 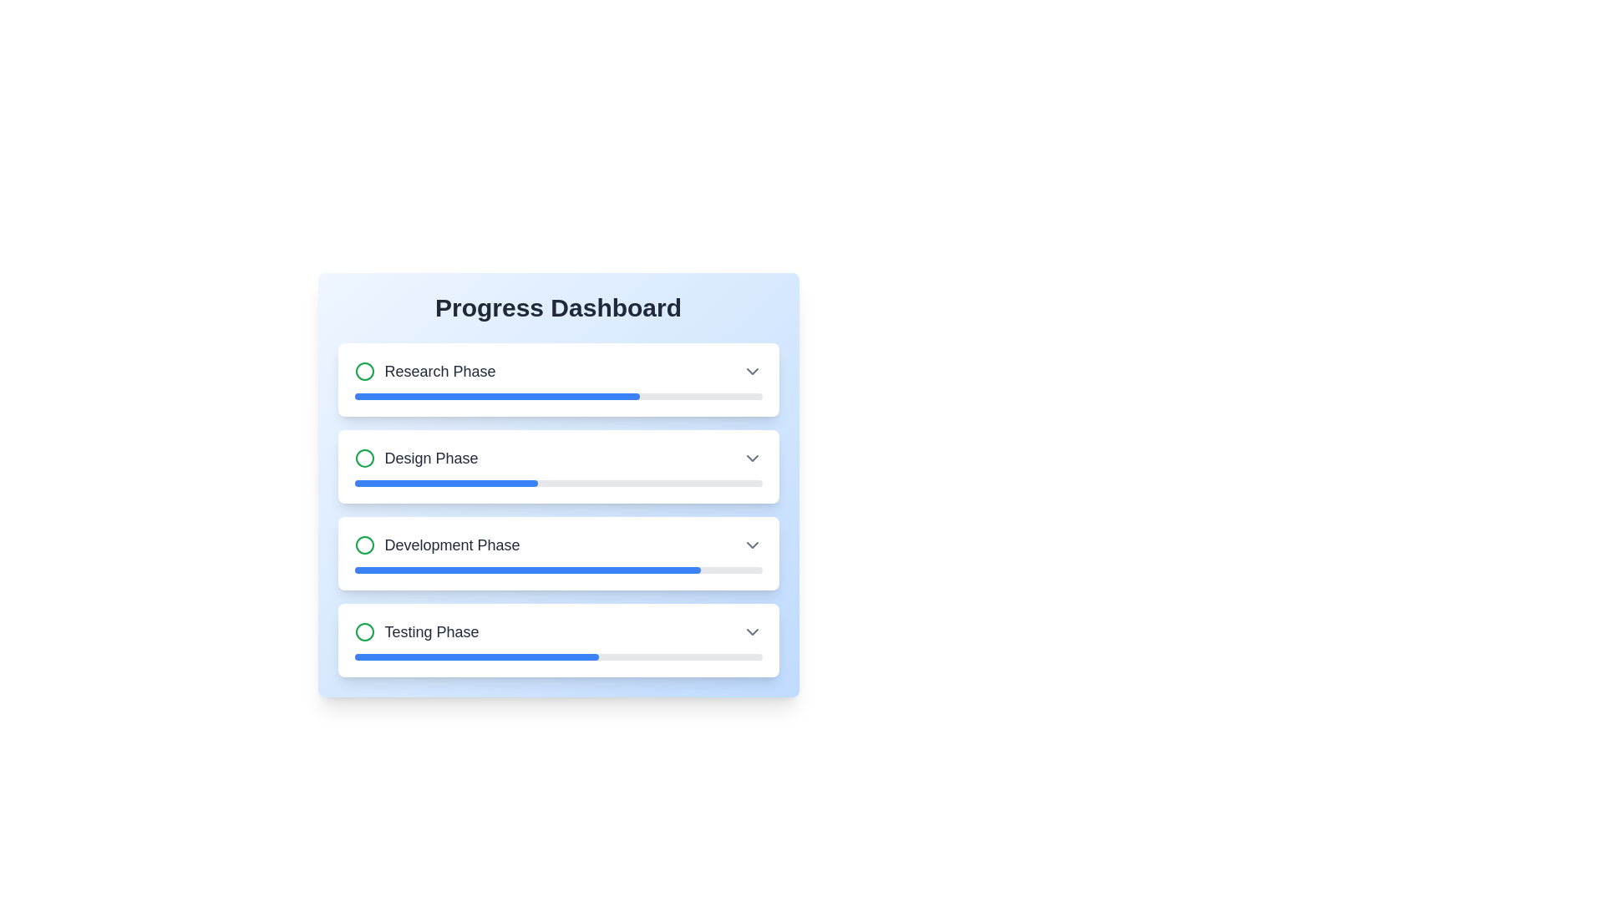 What do you see at coordinates (363, 458) in the screenshot?
I see `the status icon located to the left of the text 'Design Phase' in the second section of the Progress Dashboard` at bounding box center [363, 458].